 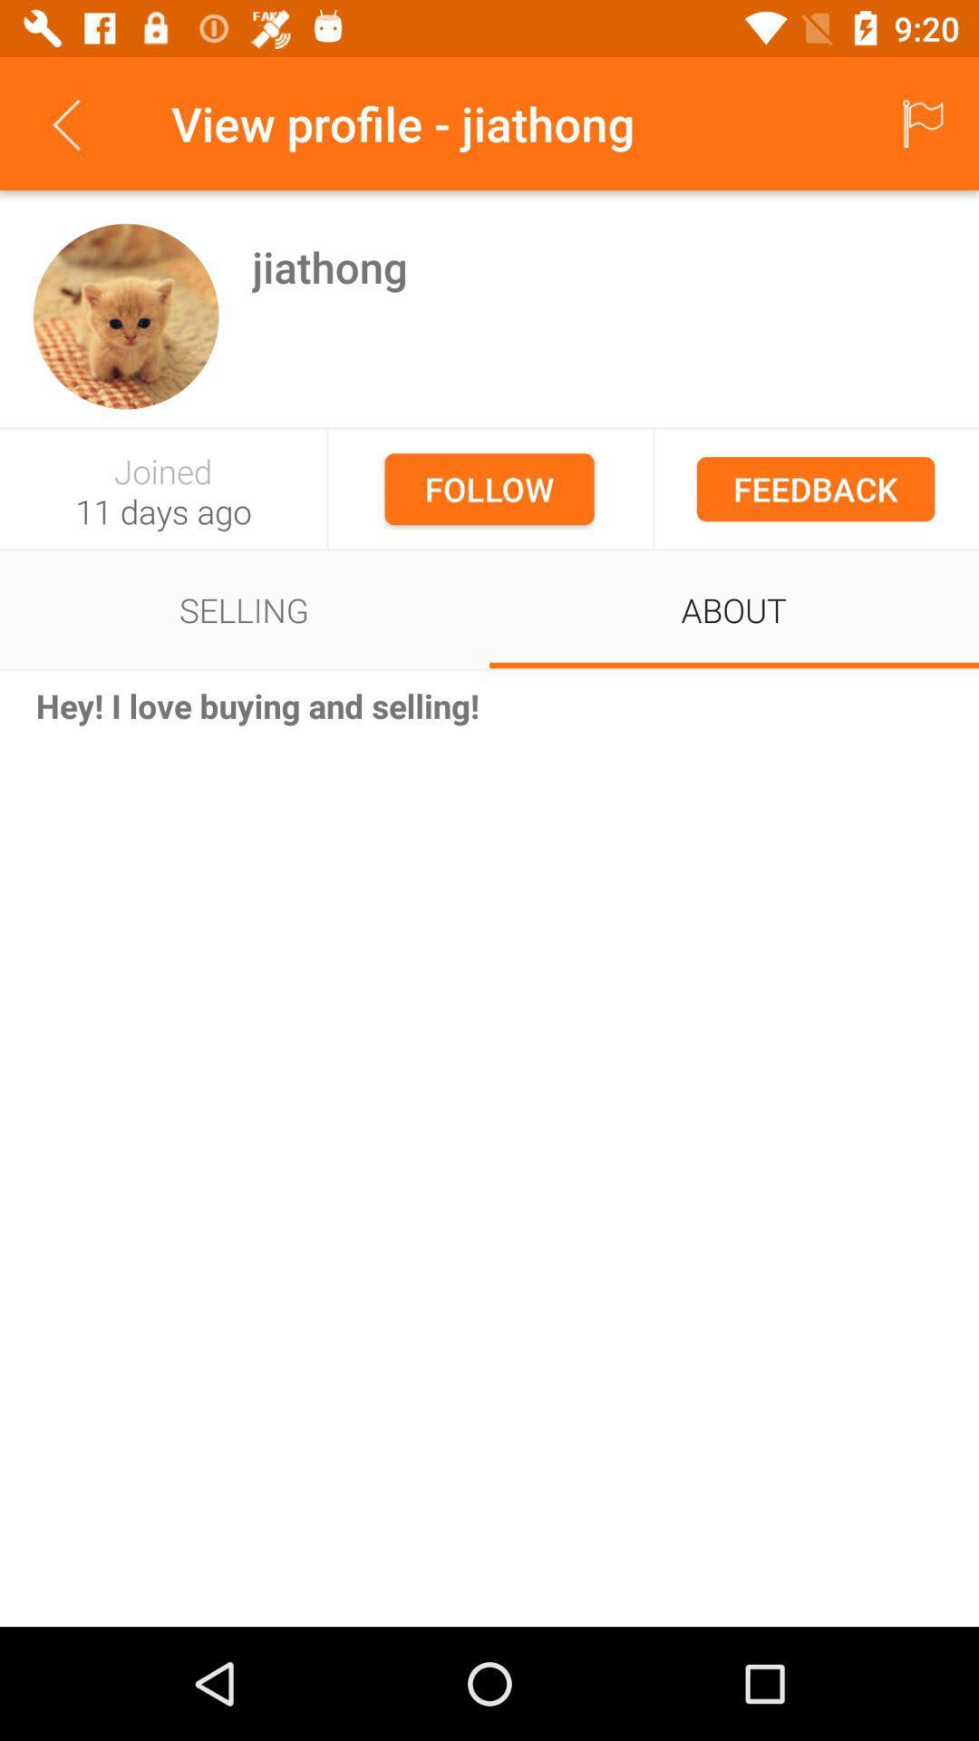 What do you see at coordinates (922, 122) in the screenshot?
I see `the icon to the right of the view profile - jiathong icon` at bounding box center [922, 122].